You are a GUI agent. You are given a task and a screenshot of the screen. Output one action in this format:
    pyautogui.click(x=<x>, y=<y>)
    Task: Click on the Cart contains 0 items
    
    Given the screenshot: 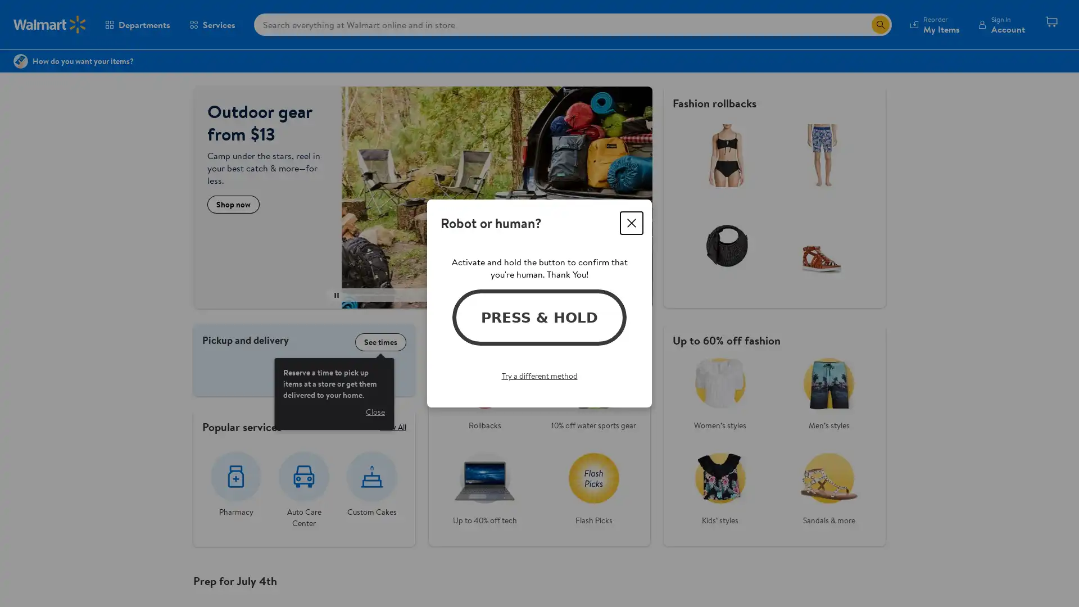 What is the action you would take?
    pyautogui.click(x=1051, y=24)
    